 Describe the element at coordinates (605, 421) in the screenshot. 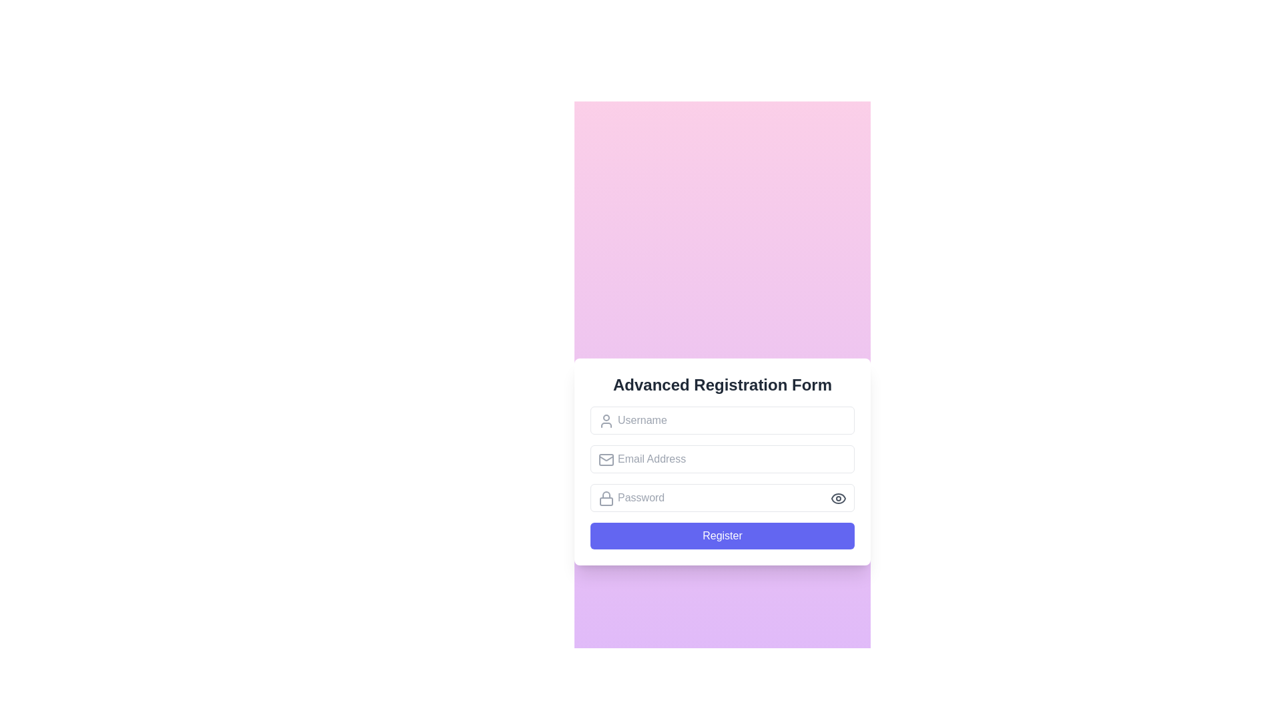

I see `the outlined user icon, which is light gray and located to the left of the username input field` at that location.